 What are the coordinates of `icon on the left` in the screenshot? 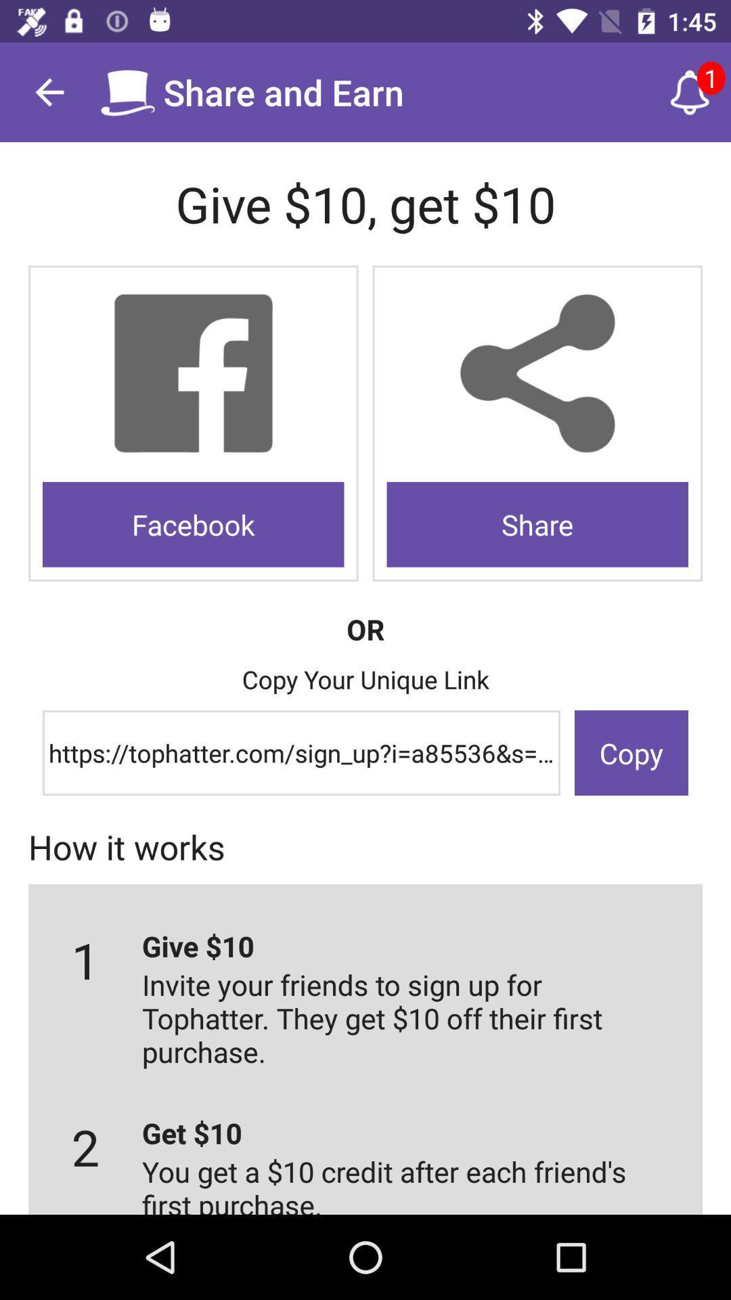 It's located at (193, 523).